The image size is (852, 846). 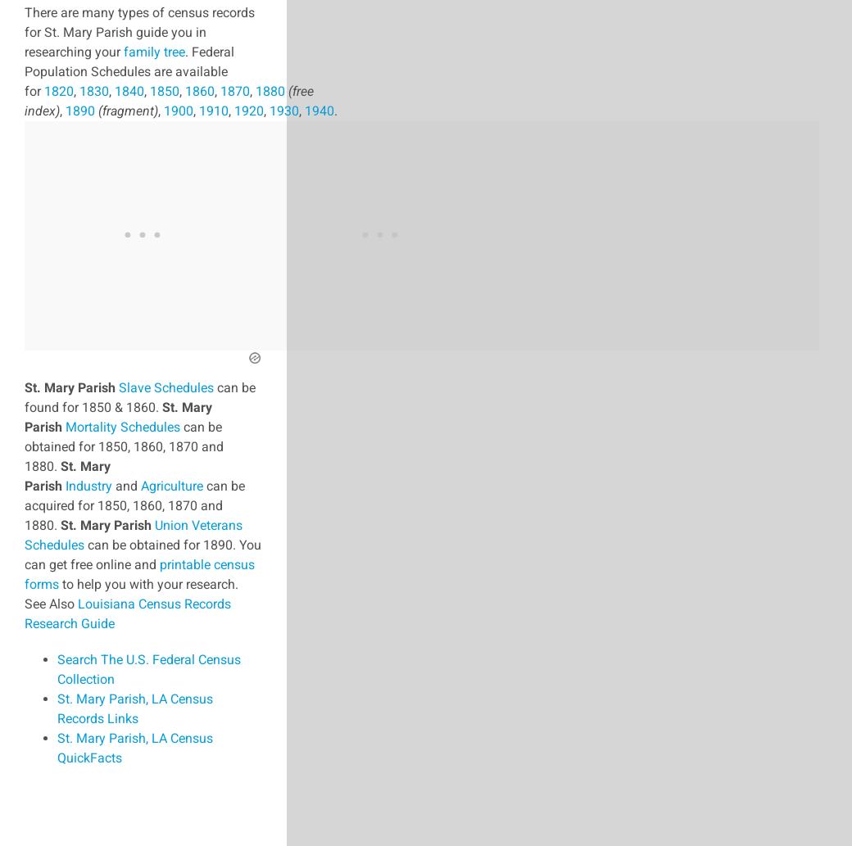 I want to click on '(free index)', so click(x=169, y=100).